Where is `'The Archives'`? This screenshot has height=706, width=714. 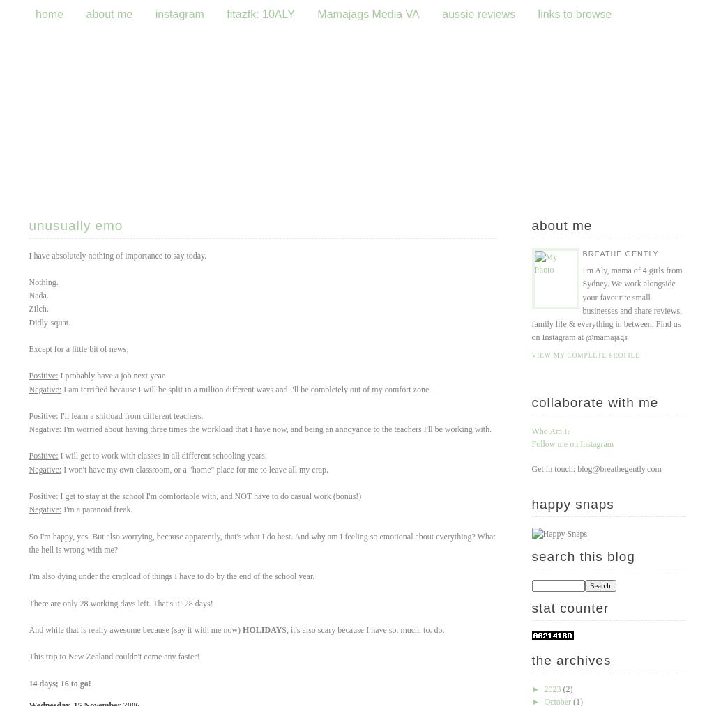
'The Archives' is located at coordinates (530, 659).